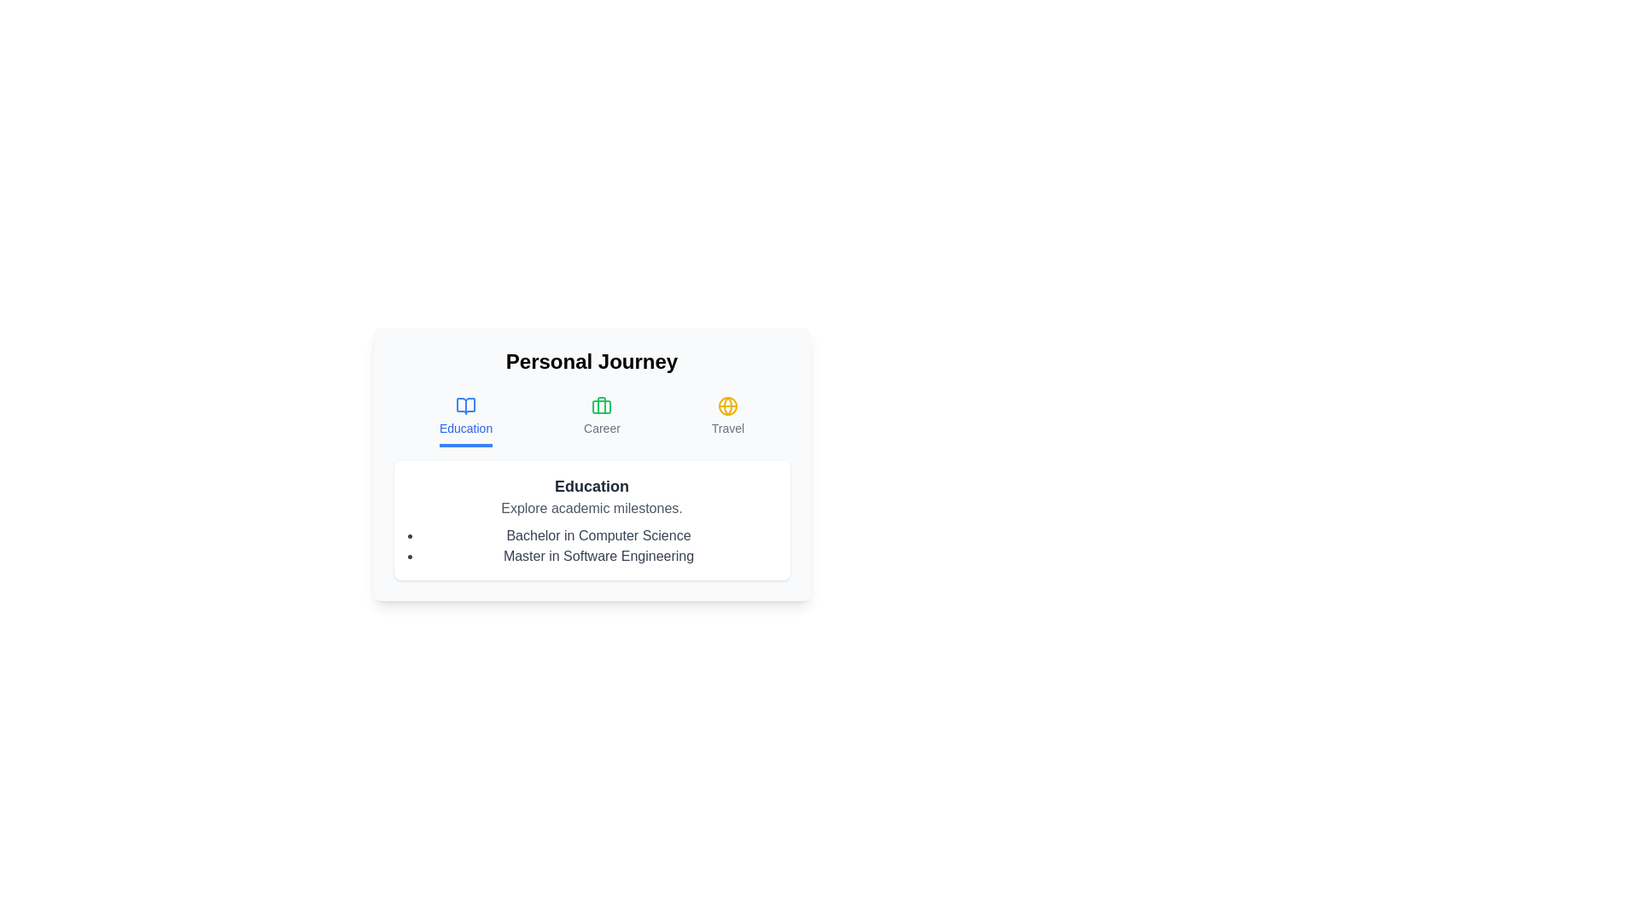  Describe the element at coordinates (727, 406) in the screenshot. I see `the circular globe icon with a yellow color scheme located in the 'Travel' button section of the navigation bar, directly above the 'Travel' text label` at that location.